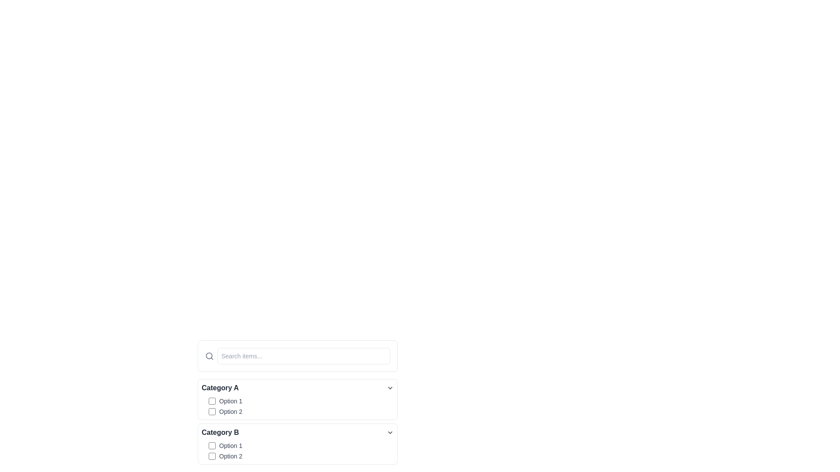 This screenshot has width=840, height=472. I want to click on the text label displaying 'Option 1', which is positioned to the right of a checkbox under 'Category B', so click(231, 445).